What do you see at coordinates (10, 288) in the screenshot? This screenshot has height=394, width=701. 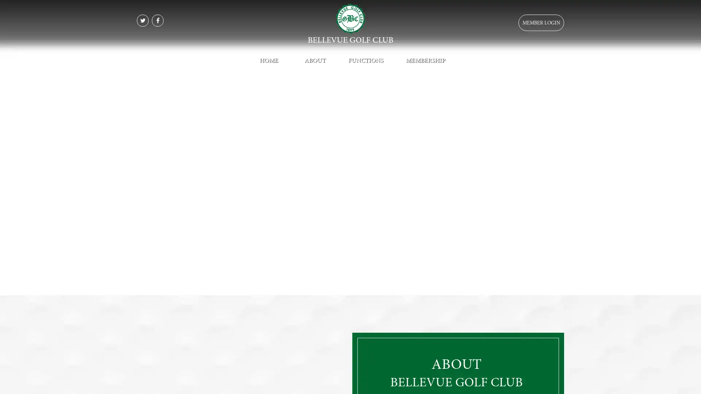 I see `Pause` at bounding box center [10, 288].